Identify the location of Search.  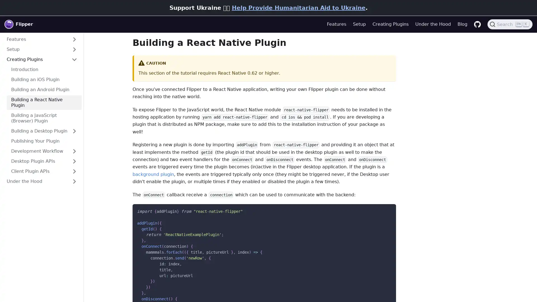
(510, 24).